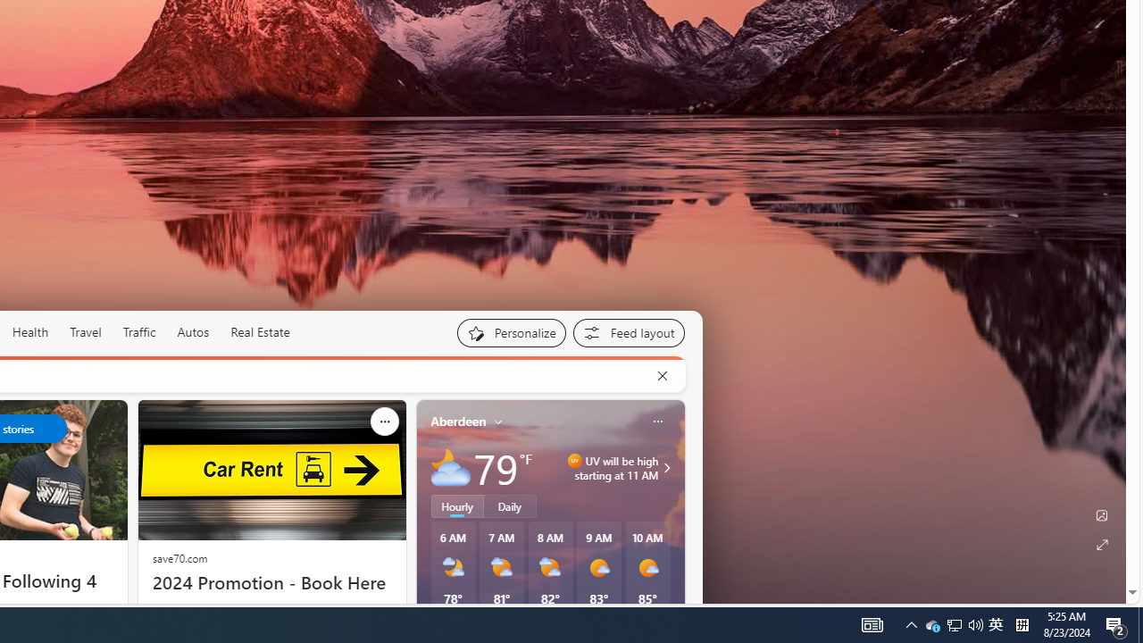 The height and width of the screenshot is (643, 1143). I want to click on 'UV will be high starting at 11 AM', so click(663, 466).